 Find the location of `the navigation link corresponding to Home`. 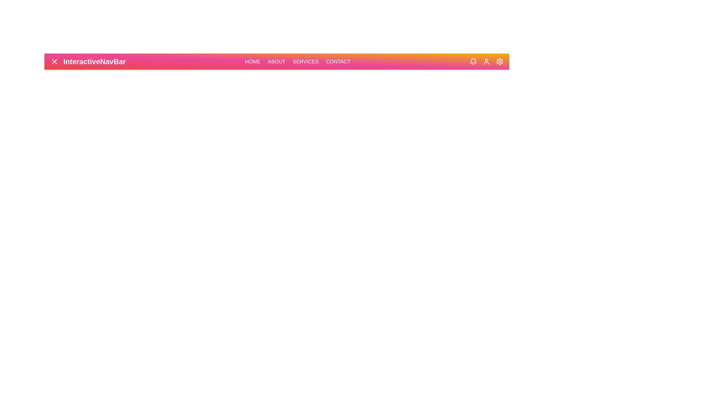

the navigation link corresponding to Home is located at coordinates (253, 61).